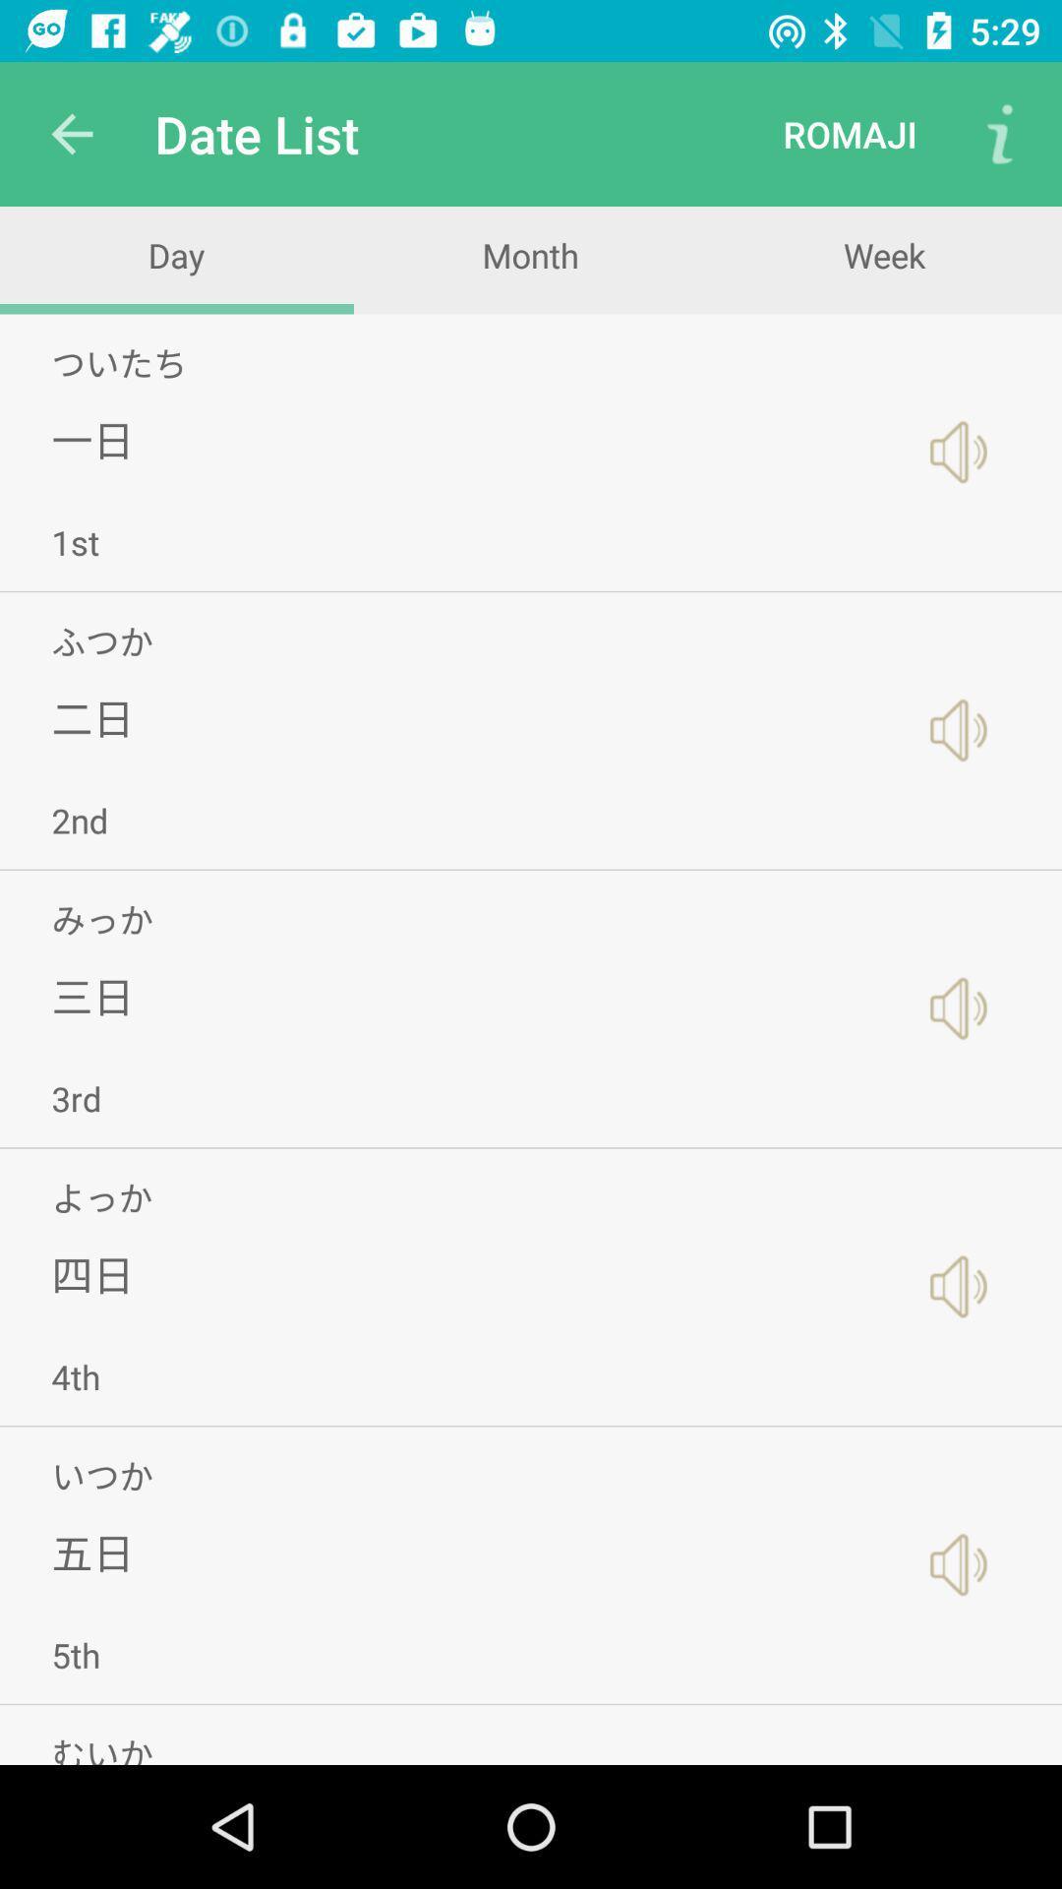  Describe the element at coordinates (92, 1552) in the screenshot. I see `the icon above 5th app` at that location.